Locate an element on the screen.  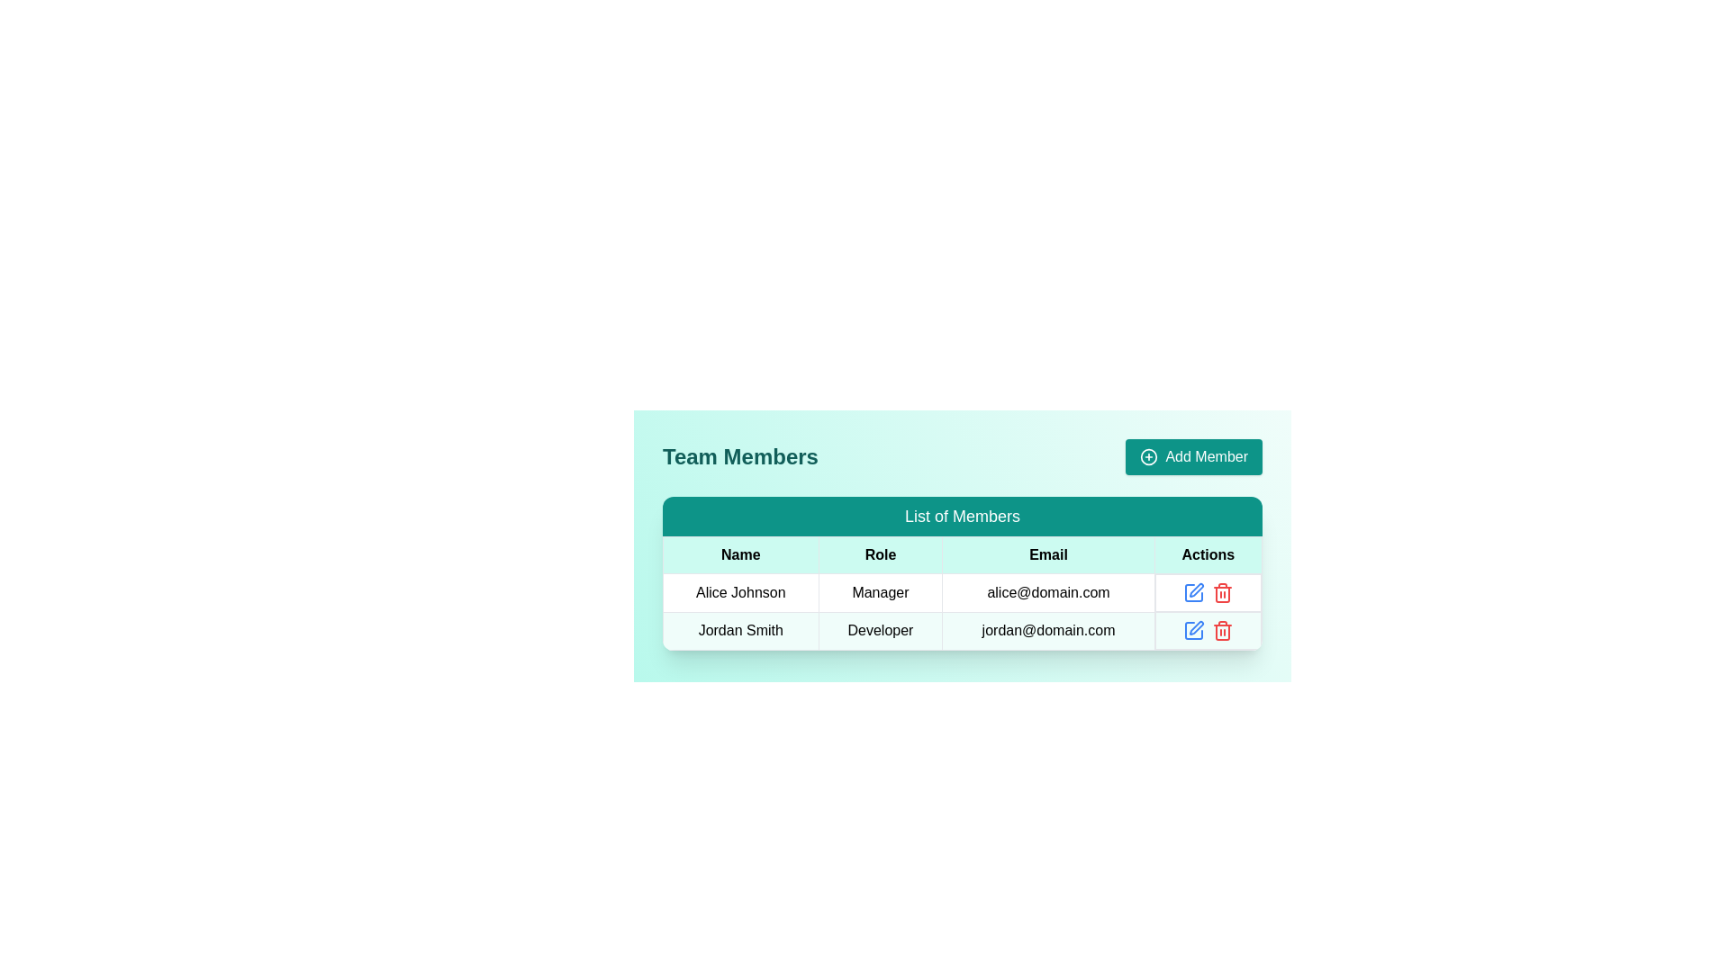
the email address label in the third cell of the first data row of the table, which displays the email of 'Alice Johnson', the Manager is located at coordinates (1048, 592).